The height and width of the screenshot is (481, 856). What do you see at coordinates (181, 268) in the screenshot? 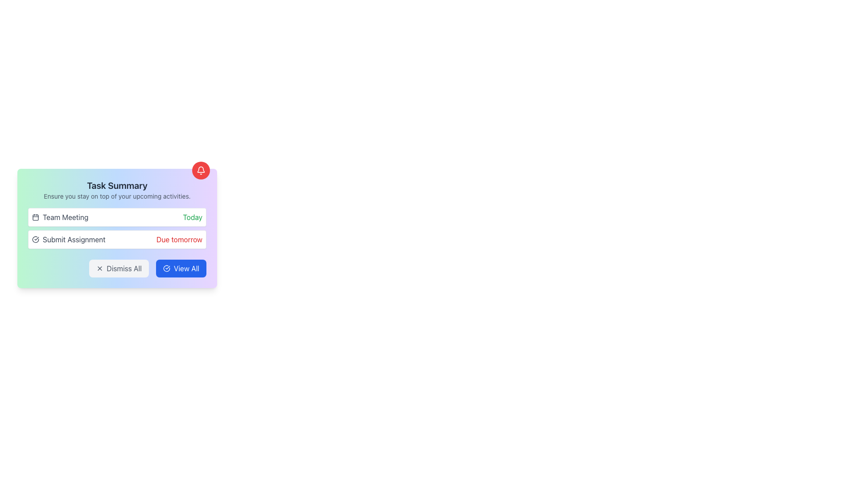
I see `the 'View All' button with a blue background and white text, located in the 'Task Summary' modal, positioned to the right of the 'Dismiss All' button` at bounding box center [181, 268].